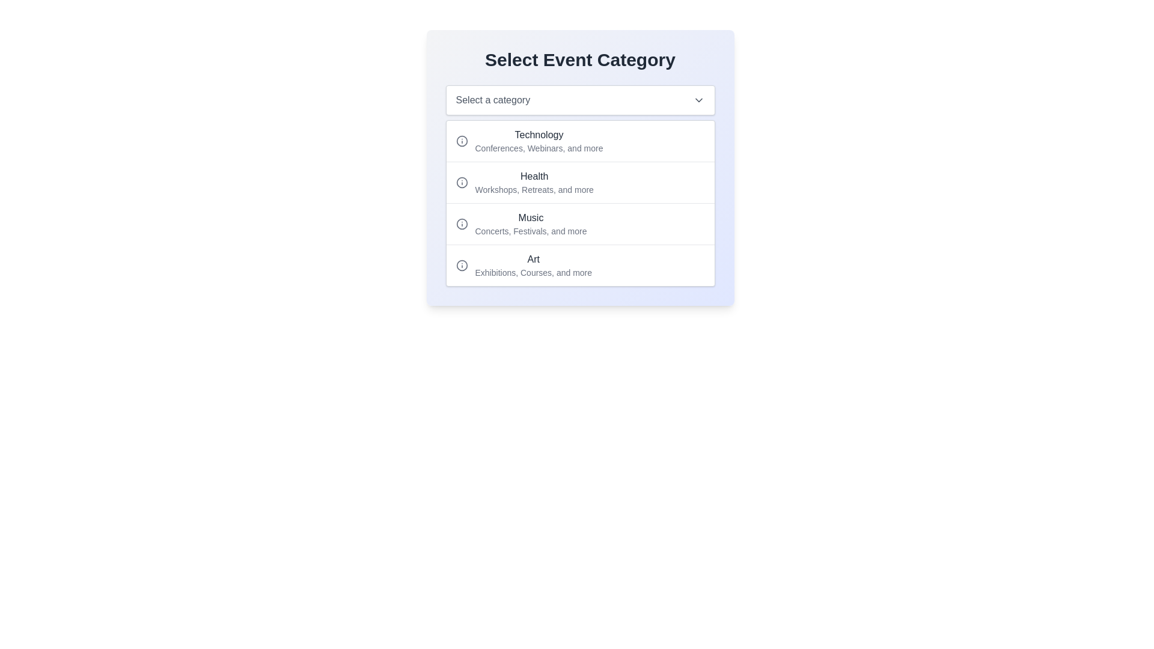 Image resolution: width=1154 pixels, height=649 pixels. Describe the element at coordinates (534, 176) in the screenshot. I see `the 'Health' text label, which identifies the Health category within the selectable event list, located under 'Select Event Category.'` at that location.